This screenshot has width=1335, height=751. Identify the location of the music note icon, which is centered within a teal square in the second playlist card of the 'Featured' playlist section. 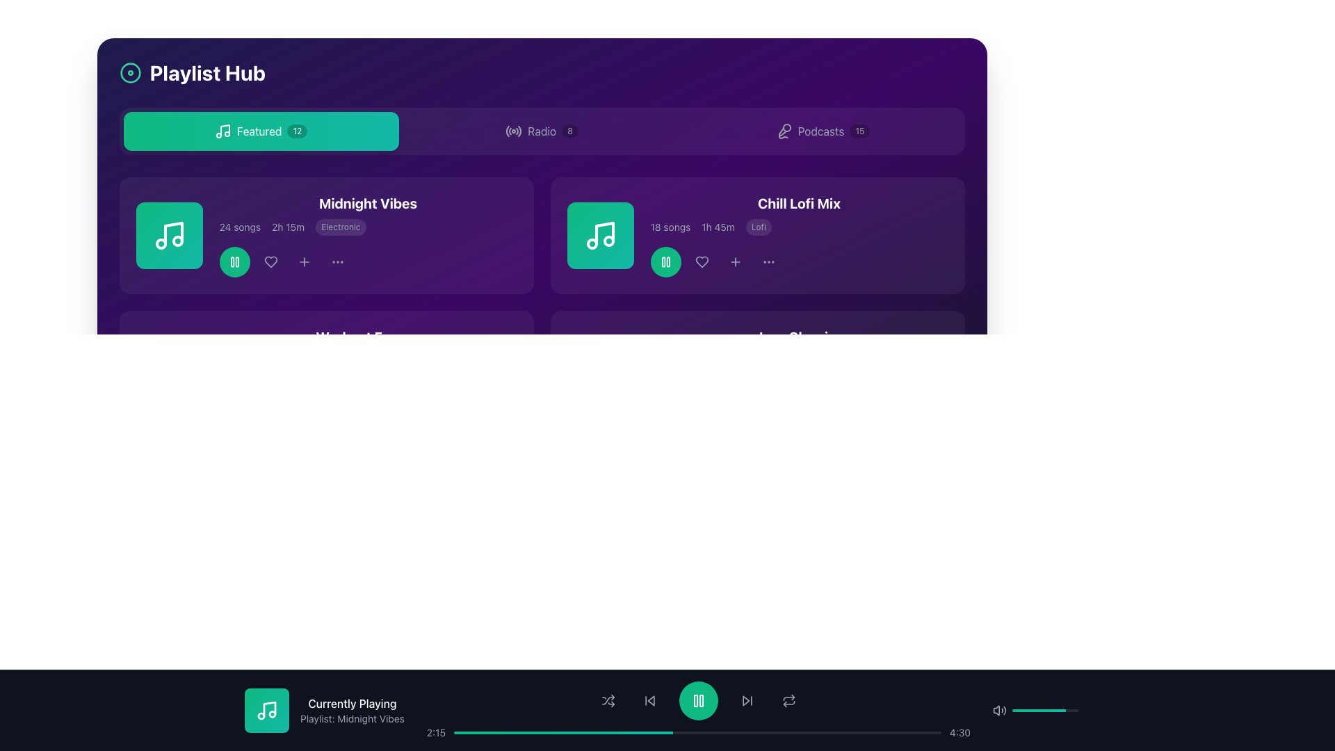
(600, 235).